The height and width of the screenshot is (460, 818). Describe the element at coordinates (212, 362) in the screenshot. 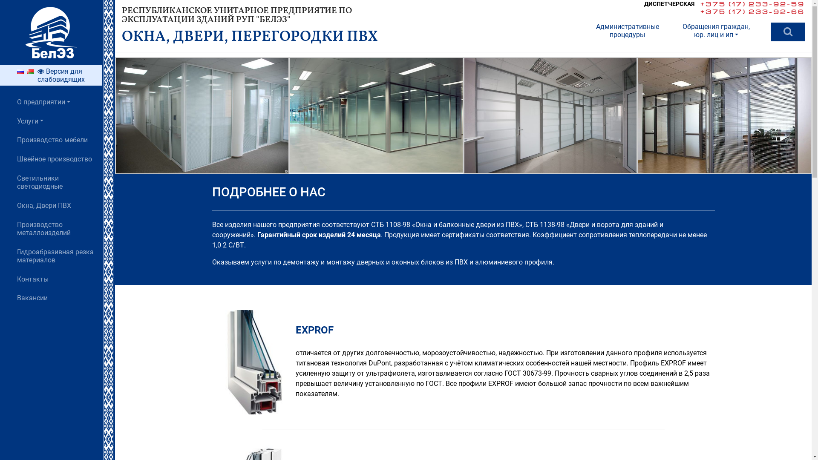

I see `'exprof'` at that location.